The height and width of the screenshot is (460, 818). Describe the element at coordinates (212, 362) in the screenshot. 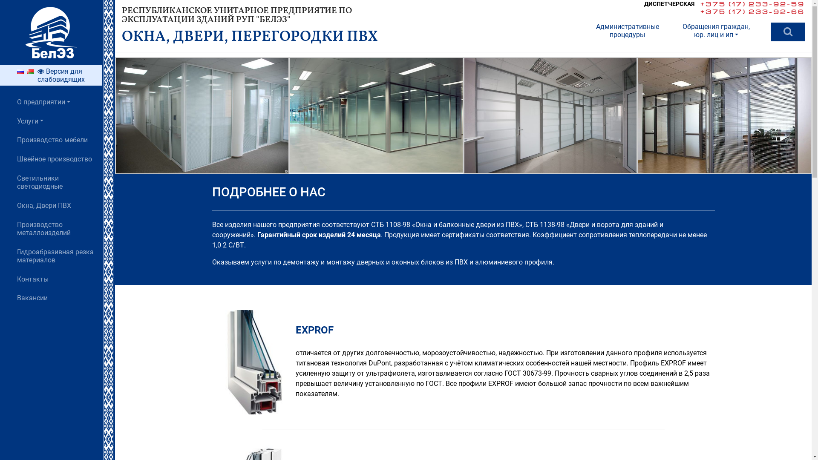

I see `'exprof'` at that location.